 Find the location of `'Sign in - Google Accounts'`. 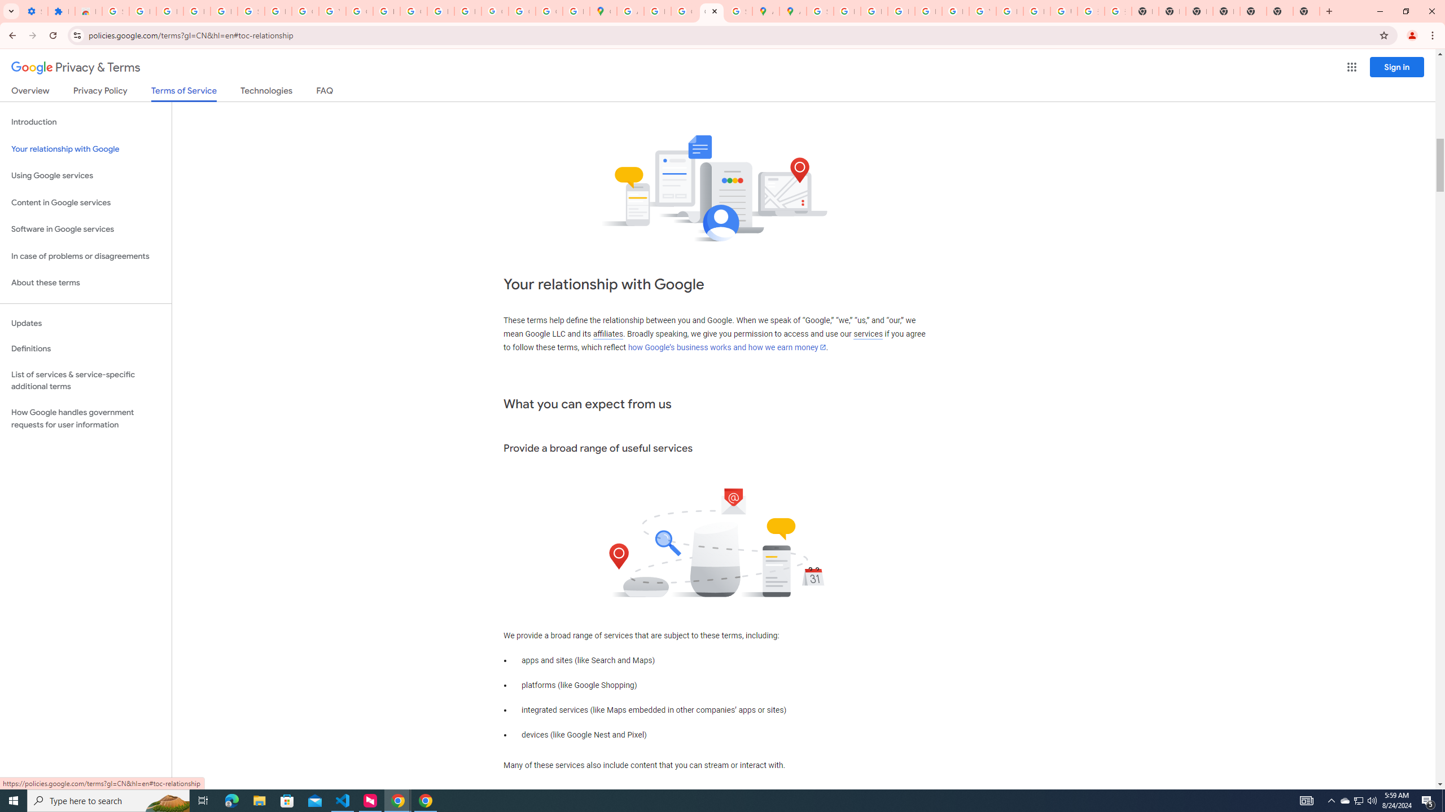

'Sign in - Google Accounts' is located at coordinates (251, 11).